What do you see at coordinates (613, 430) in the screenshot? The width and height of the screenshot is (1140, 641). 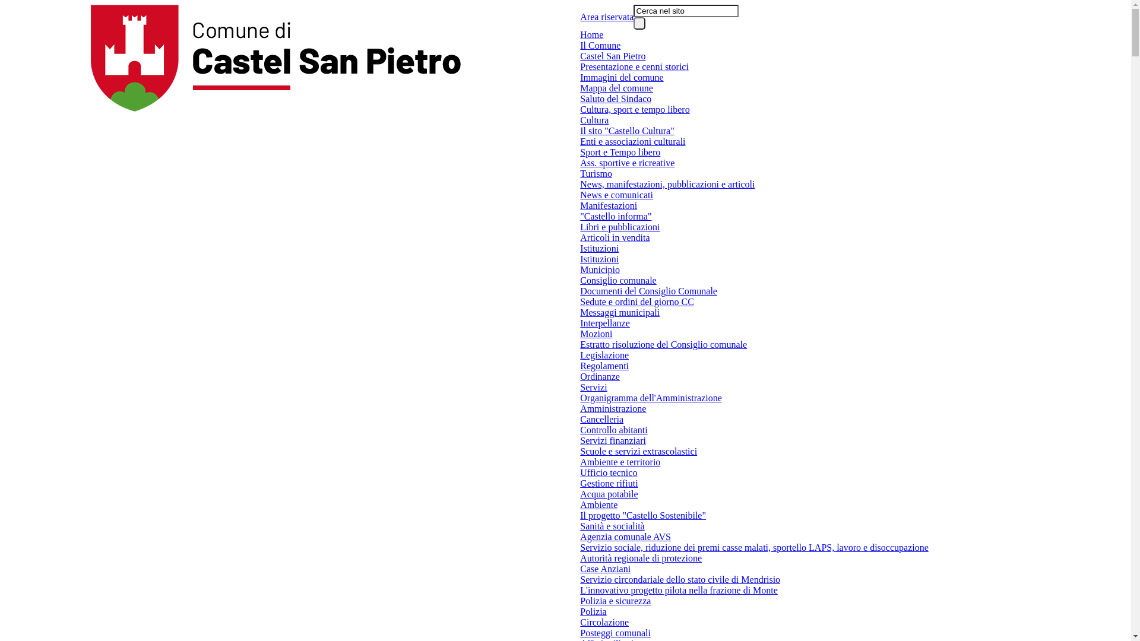 I see `'Controllo abitanti'` at bounding box center [613, 430].